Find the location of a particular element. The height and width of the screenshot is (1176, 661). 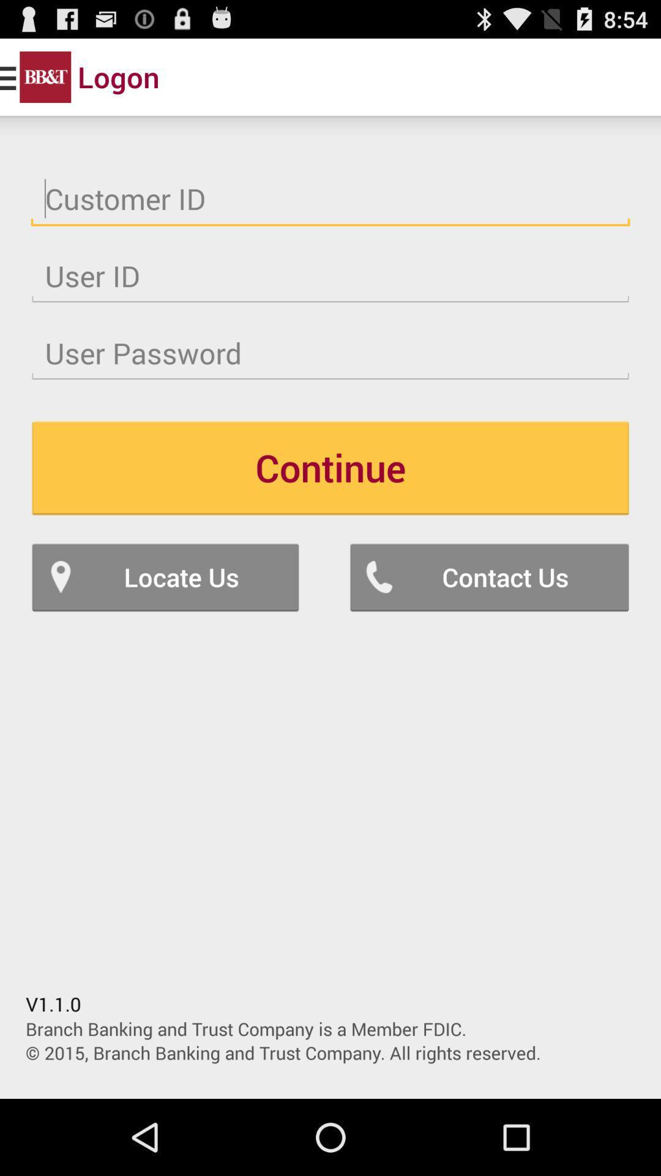

icon to the right of locate us is located at coordinates (488, 576).